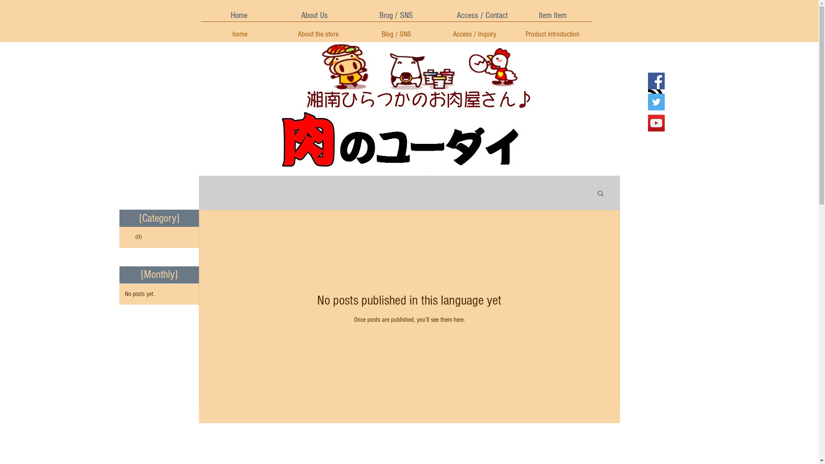 The image size is (825, 464). I want to click on 'Access / Inquiry', so click(435, 30).